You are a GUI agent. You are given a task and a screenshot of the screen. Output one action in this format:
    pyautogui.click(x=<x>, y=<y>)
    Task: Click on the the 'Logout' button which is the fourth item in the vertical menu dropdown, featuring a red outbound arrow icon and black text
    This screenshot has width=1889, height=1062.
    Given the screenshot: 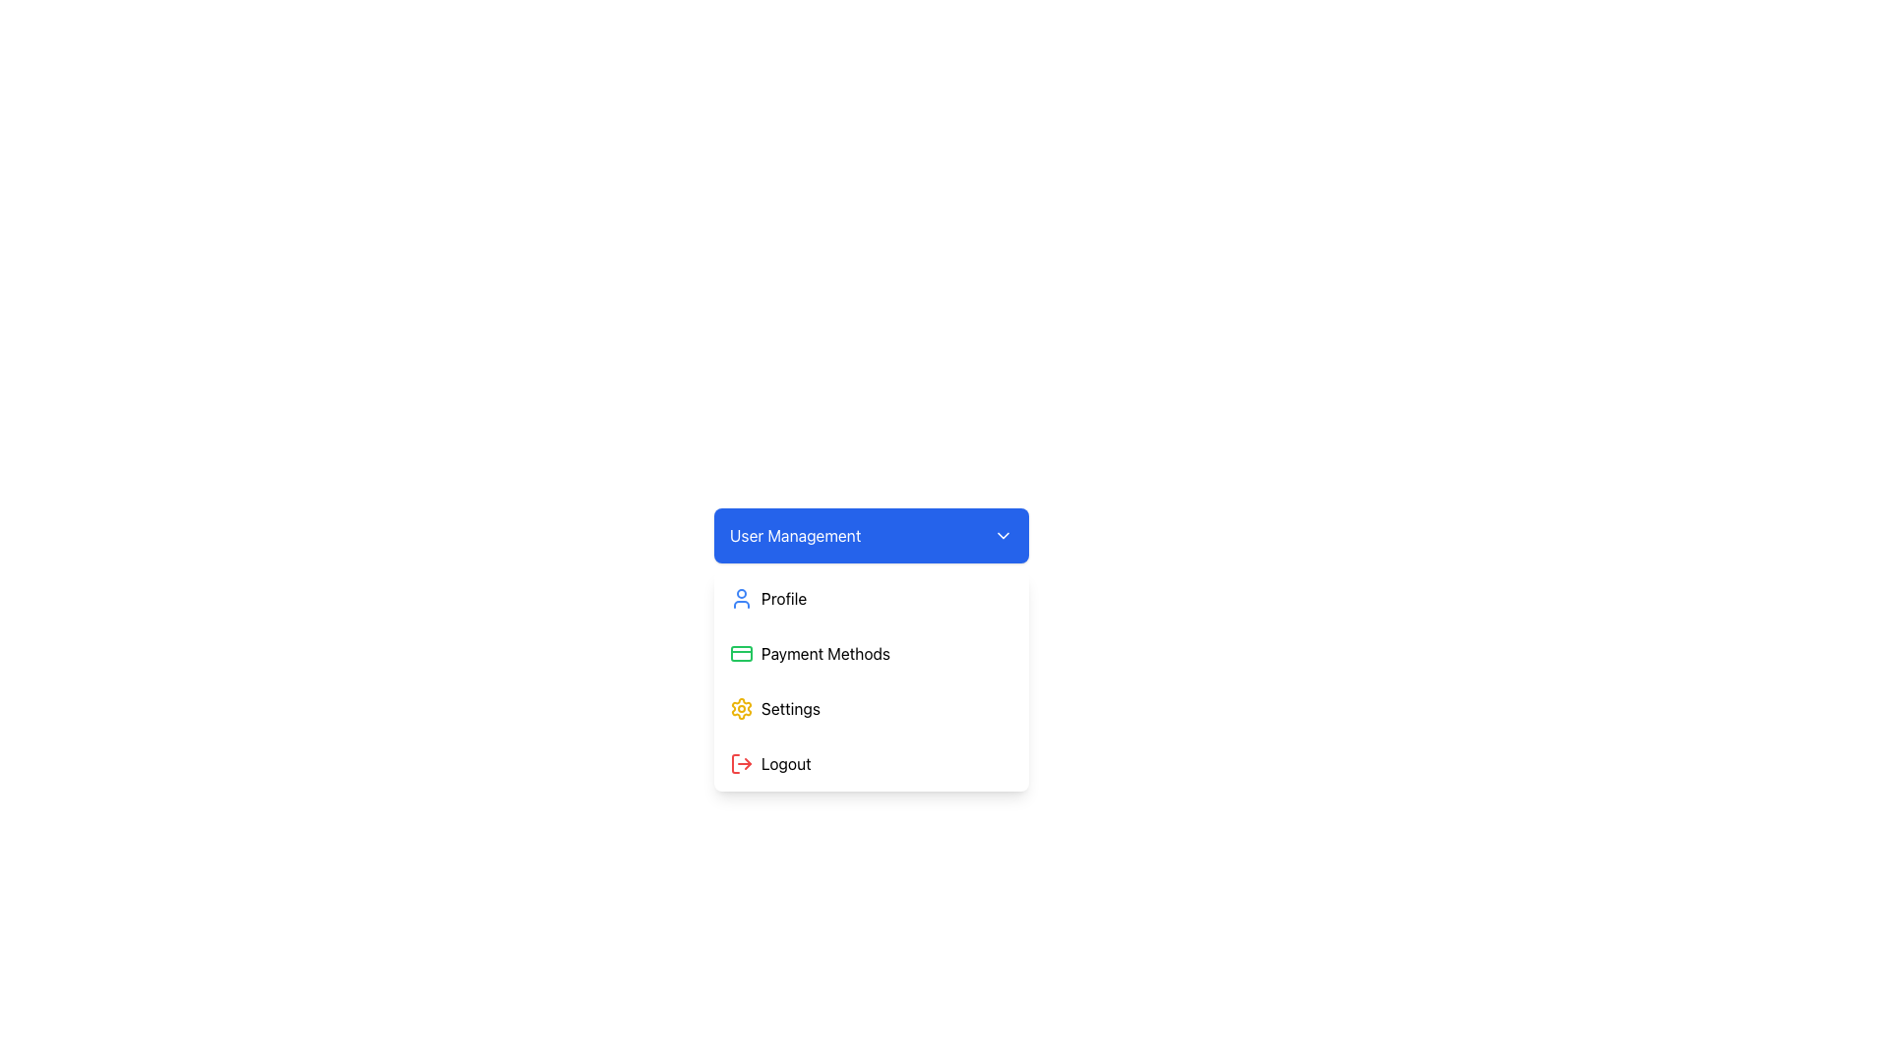 What is the action you would take?
    pyautogui.click(x=871, y=762)
    